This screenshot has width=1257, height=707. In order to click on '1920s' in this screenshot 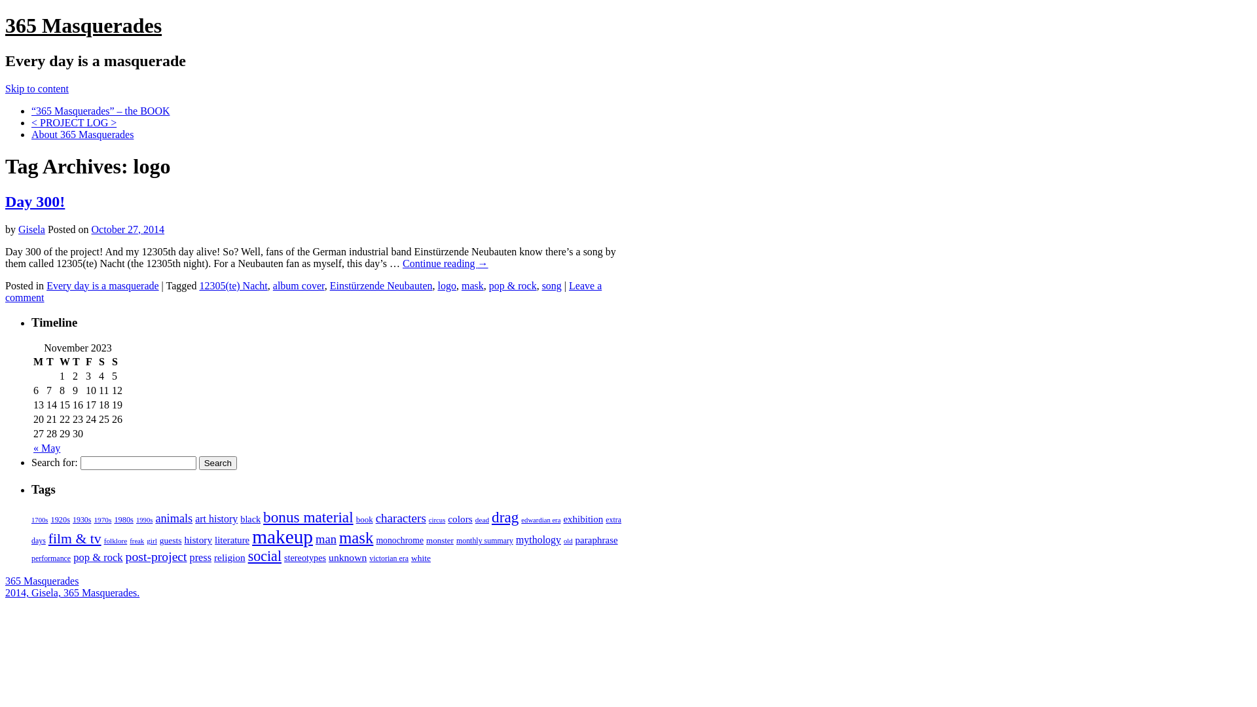, I will do `click(59, 519)`.